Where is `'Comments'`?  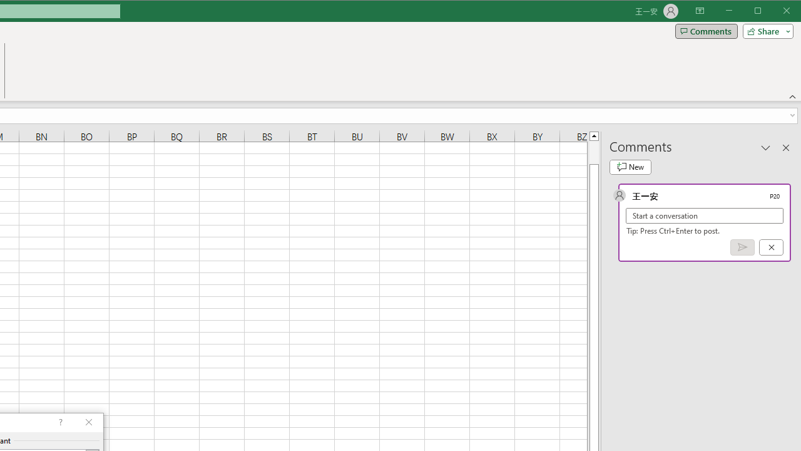
'Comments' is located at coordinates (706, 31).